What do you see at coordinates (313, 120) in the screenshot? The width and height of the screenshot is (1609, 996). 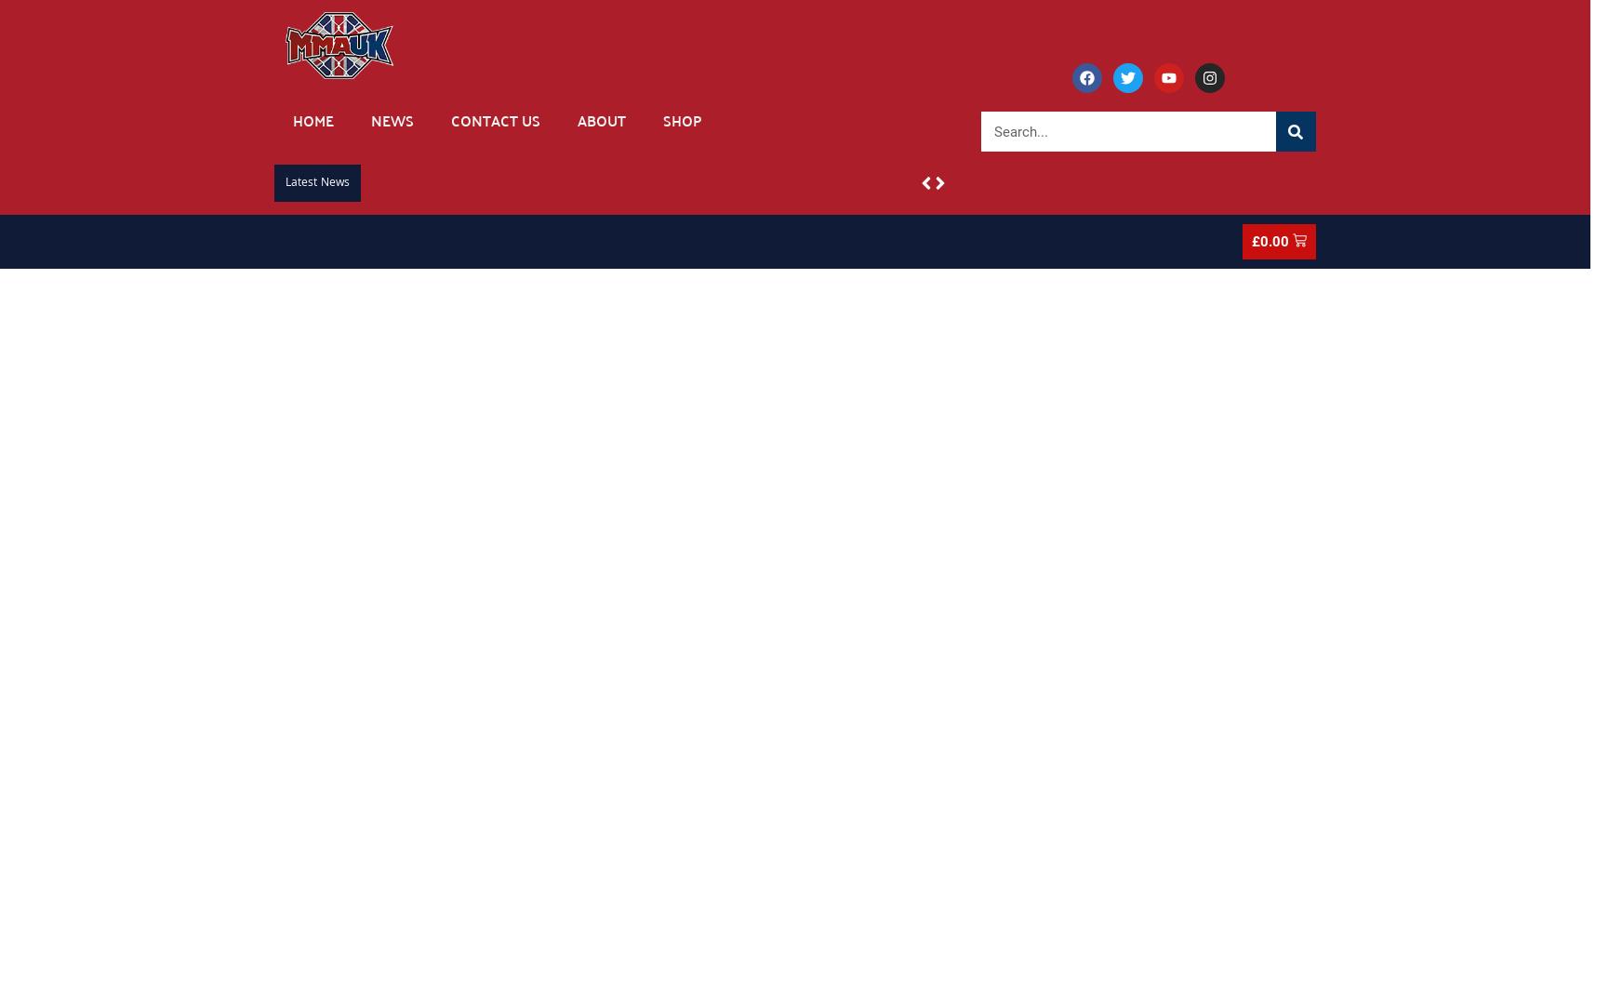 I see `'Home'` at bounding box center [313, 120].